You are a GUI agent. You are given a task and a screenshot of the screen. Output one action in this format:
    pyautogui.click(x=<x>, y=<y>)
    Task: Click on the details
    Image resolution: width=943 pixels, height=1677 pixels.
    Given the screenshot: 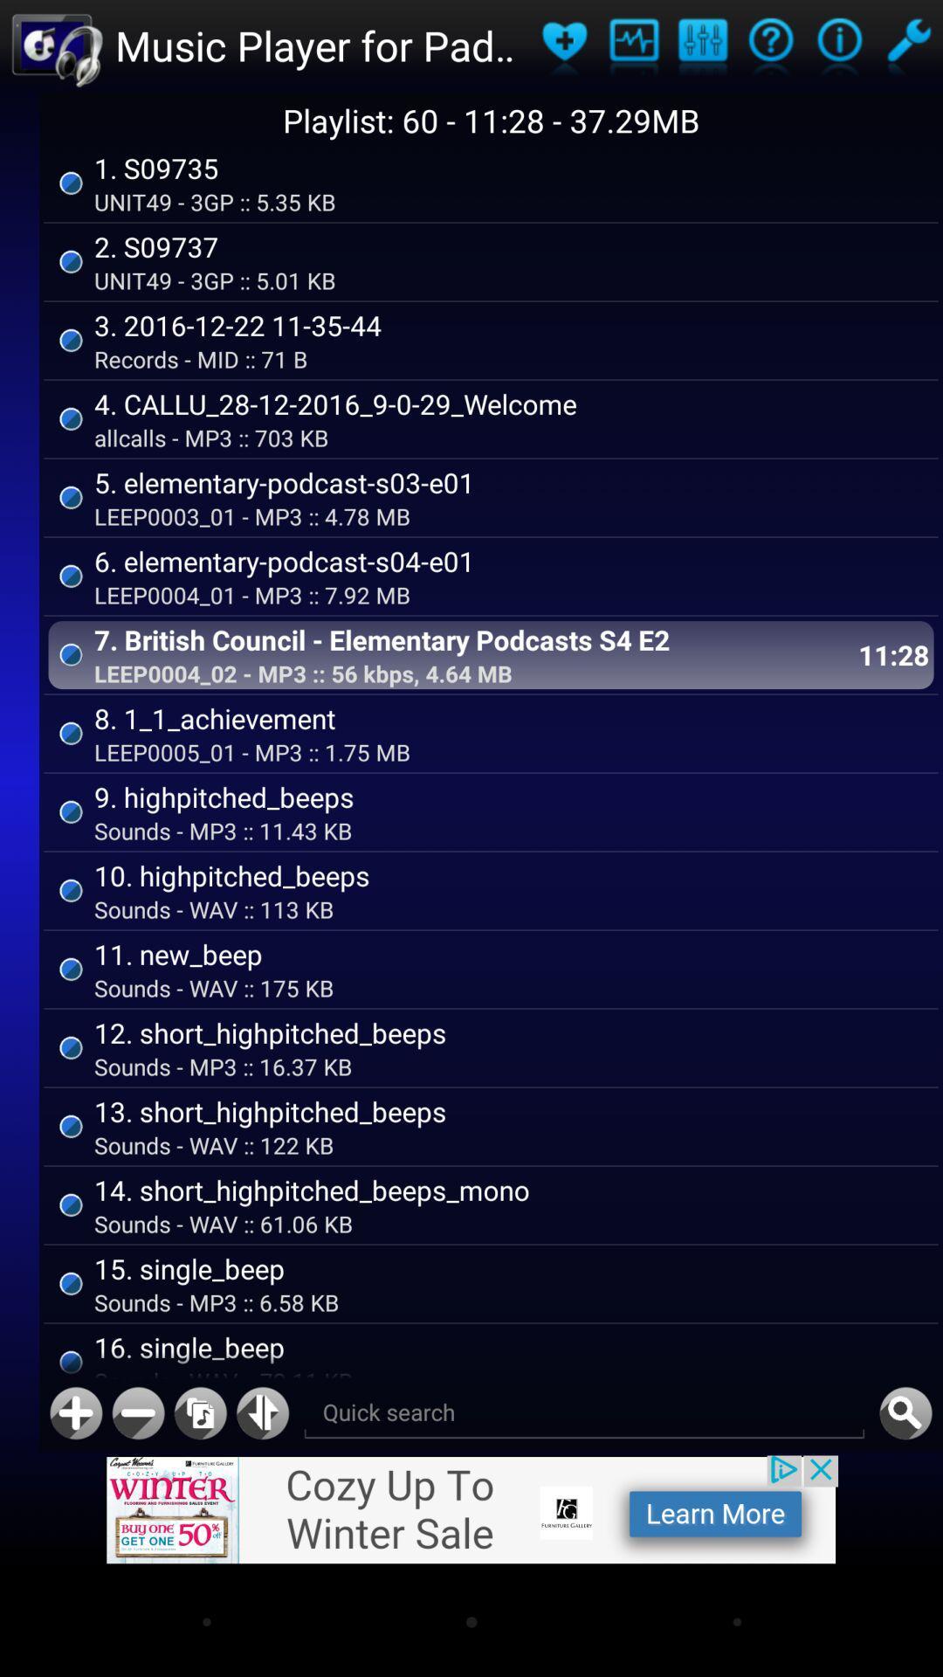 What is the action you would take?
    pyautogui.click(x=838, y=45)
    